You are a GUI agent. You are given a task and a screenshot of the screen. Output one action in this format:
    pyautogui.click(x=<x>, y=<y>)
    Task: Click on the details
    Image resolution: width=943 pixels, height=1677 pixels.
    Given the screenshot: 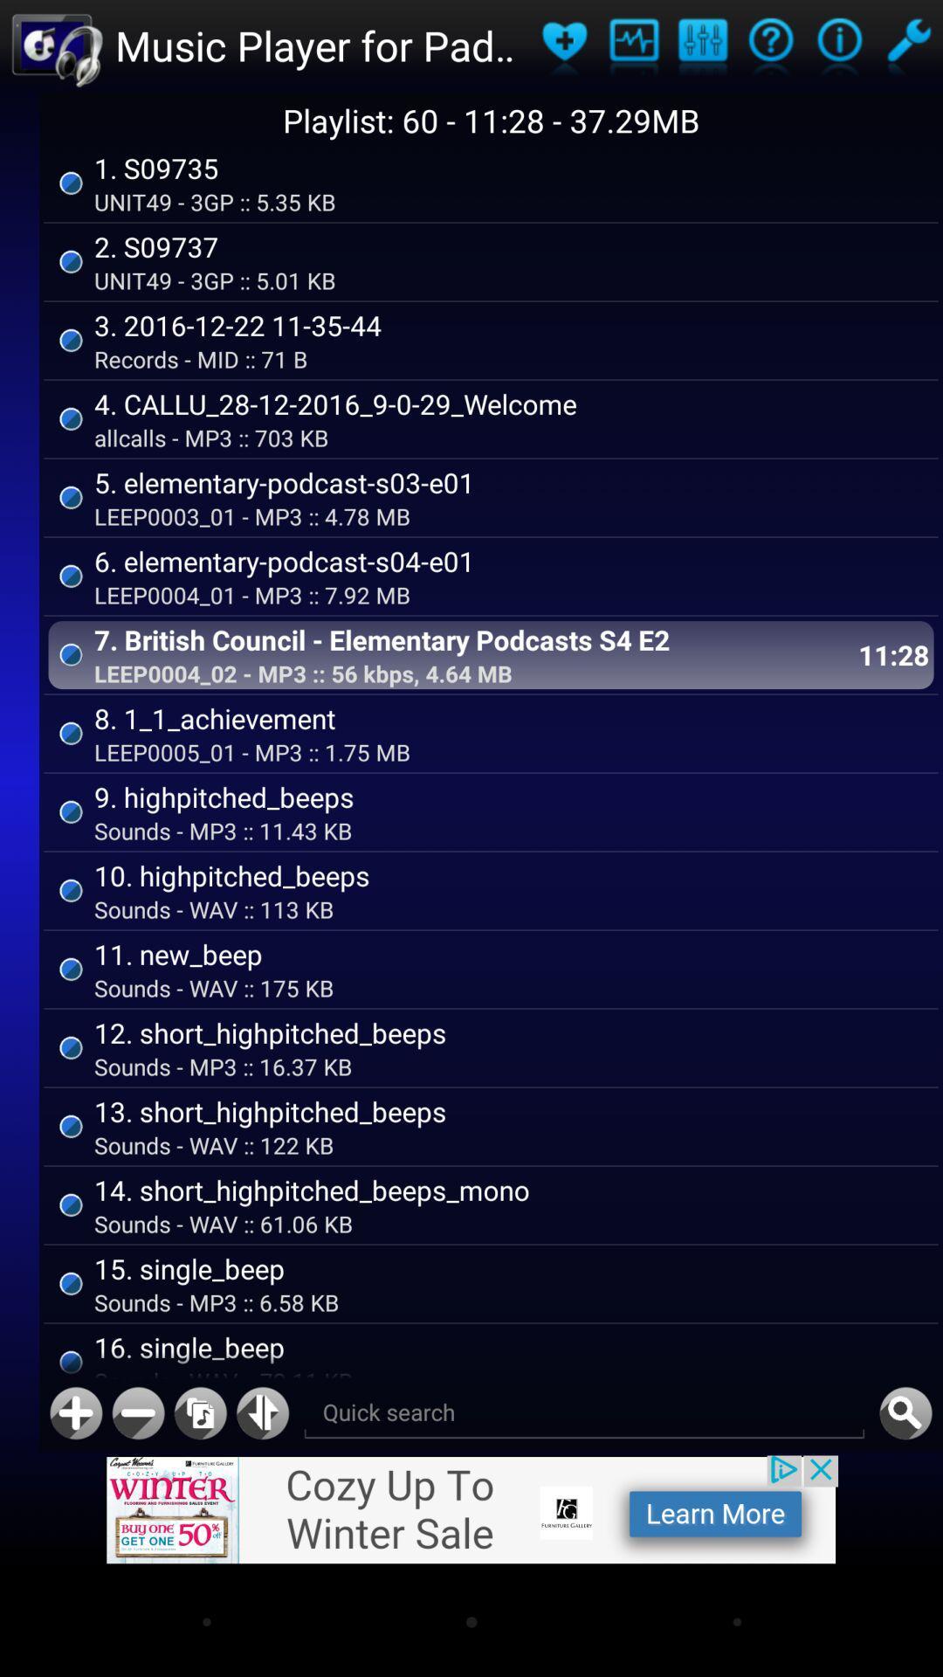 What is the action you would take?
    pyautogui.click(x=838, y=45)
    